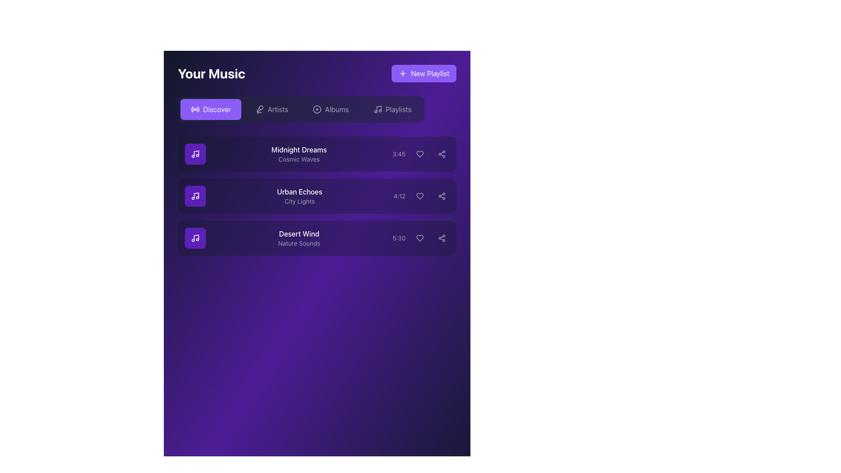 The image size is (841, 473). I want to click on the 'Playlists' text label in the navigation bar to switch to the Playlists section of the application, so click(398, 109).